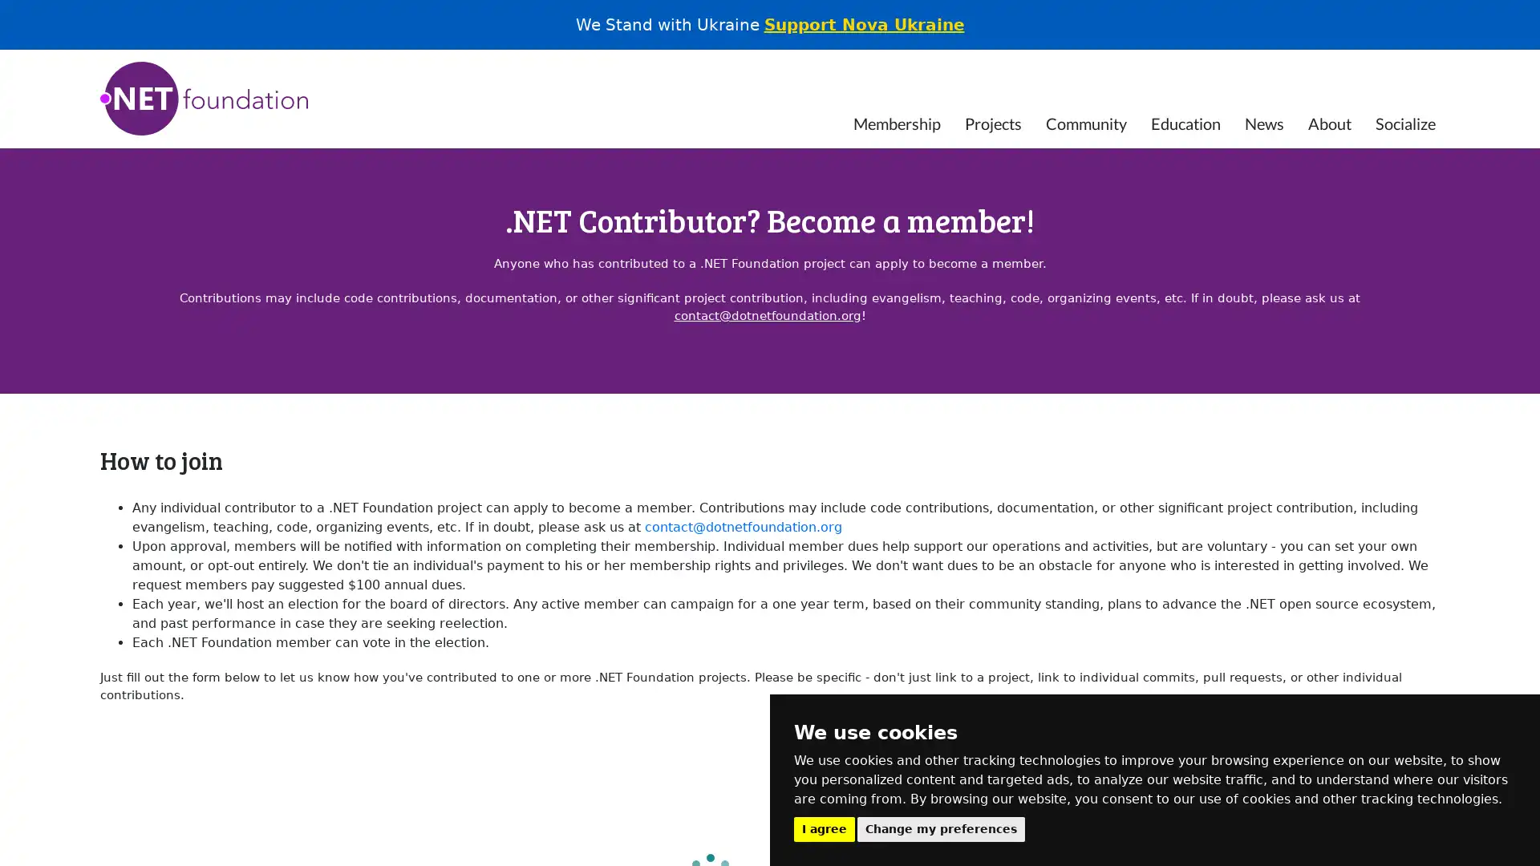 This screenshot has width=1540, height=866. What do you see at coordinates (824, 829) in the screenshot?
I see `I agree` at bounding box center [824, 829].